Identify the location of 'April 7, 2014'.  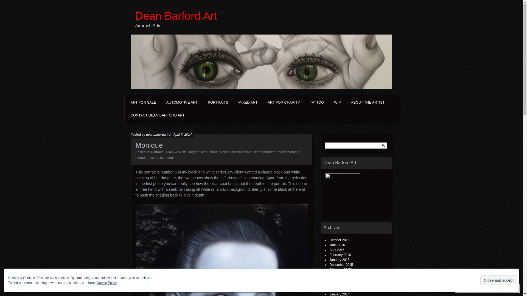
(182, 134).